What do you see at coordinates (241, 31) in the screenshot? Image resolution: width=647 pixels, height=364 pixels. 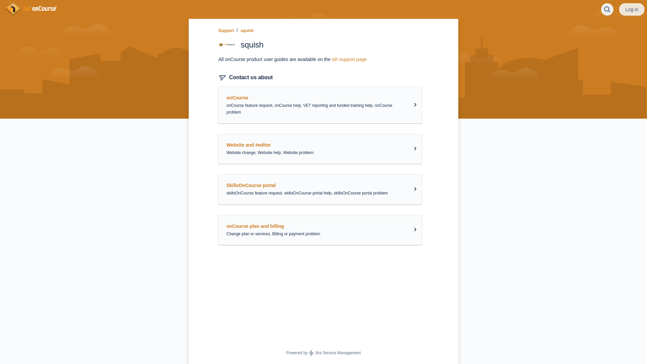 I see `'squish'` at bounding box center [241, 31].